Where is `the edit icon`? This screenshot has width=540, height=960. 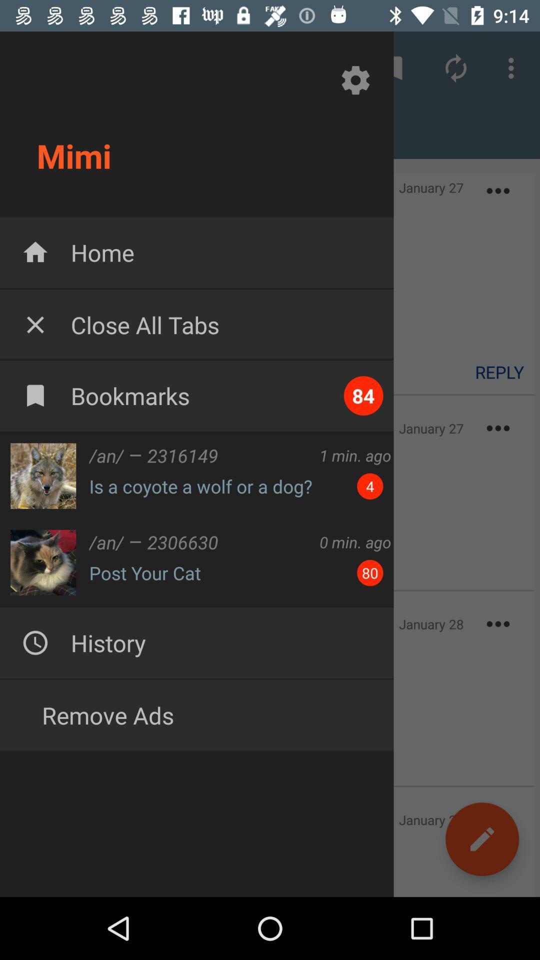
the edit icon is located at coordinates (481, 839).